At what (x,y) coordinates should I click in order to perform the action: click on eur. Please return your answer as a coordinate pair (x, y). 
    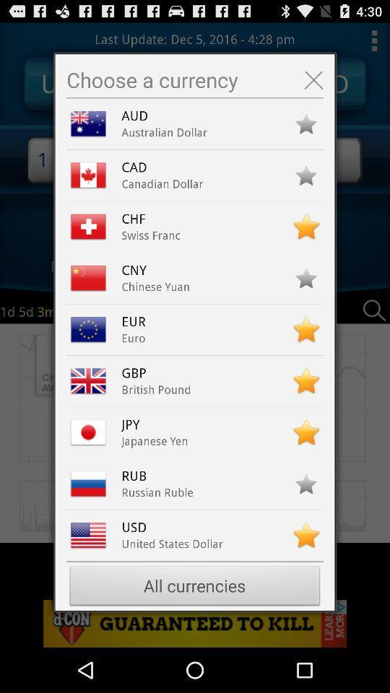
    Looking at the image, I should click on (137, 321).